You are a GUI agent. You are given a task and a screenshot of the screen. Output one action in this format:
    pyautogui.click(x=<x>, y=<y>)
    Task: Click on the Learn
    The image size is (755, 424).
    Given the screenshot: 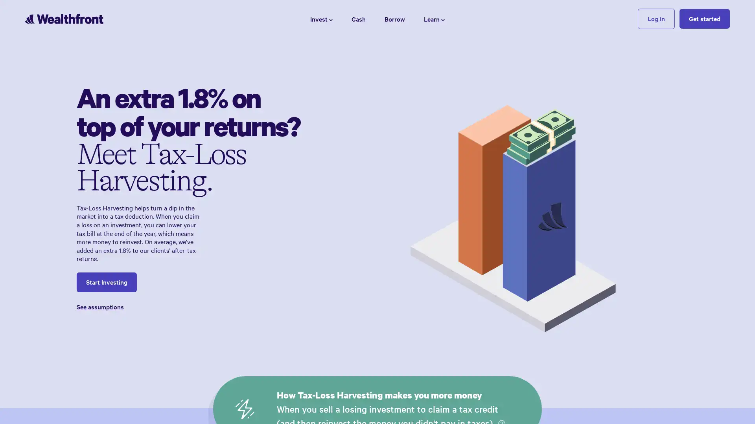 What is the action you would take?
    pyautogui.click(x=434, y=18)
    